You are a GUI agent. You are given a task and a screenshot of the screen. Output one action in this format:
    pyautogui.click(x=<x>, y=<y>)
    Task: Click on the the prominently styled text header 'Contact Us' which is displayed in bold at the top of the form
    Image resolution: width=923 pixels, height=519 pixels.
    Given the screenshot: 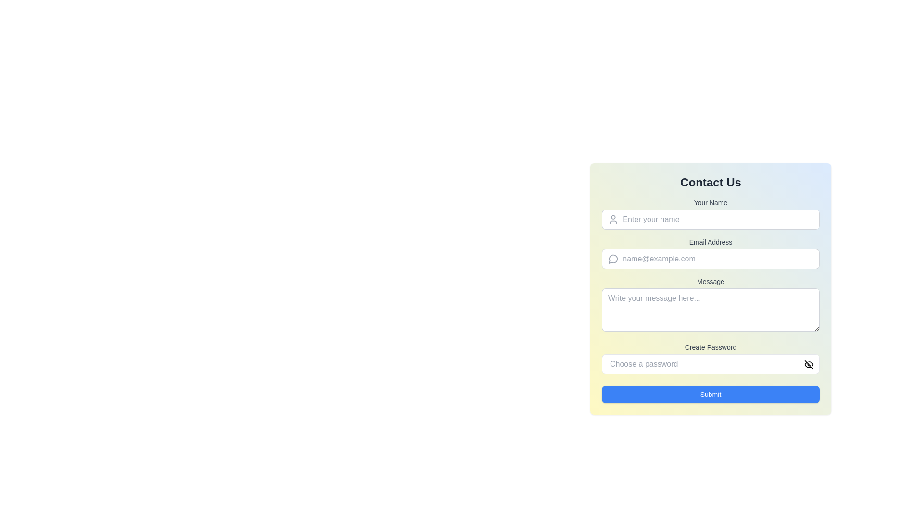 What is the action you would take?
    pyautogui.click(x=711, y=183)
    